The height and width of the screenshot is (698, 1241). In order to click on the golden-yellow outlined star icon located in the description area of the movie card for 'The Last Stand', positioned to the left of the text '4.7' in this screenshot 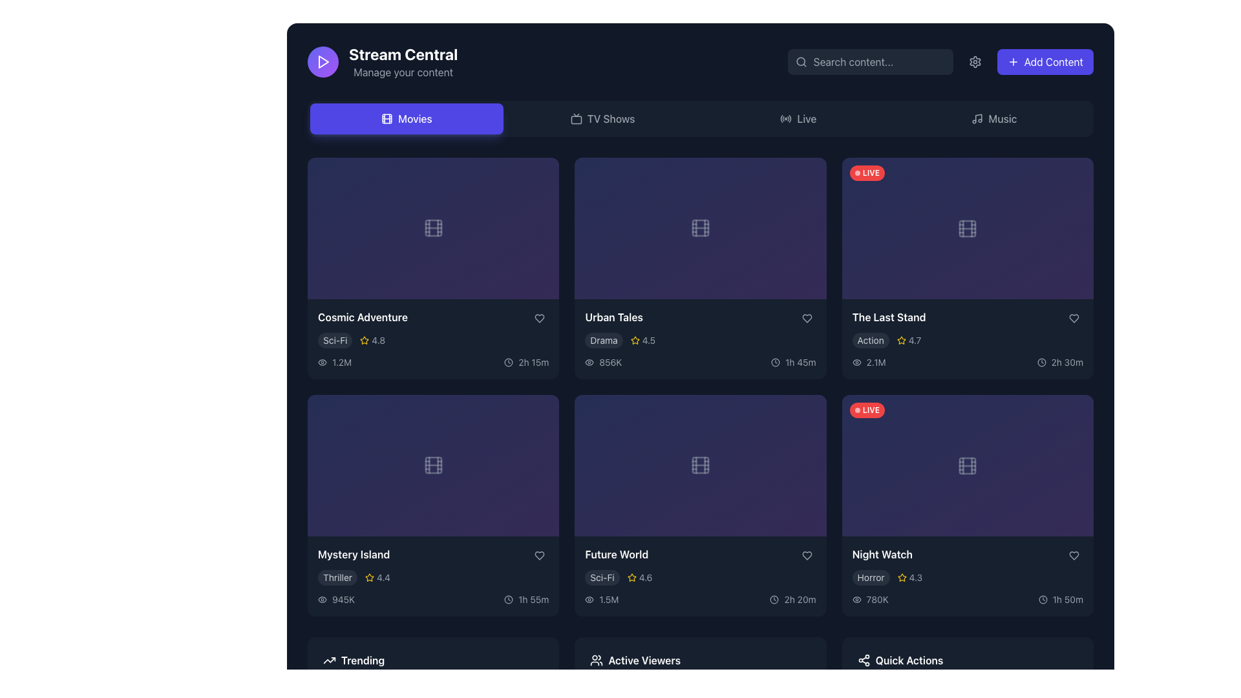, I will do `click(900, 340)`.